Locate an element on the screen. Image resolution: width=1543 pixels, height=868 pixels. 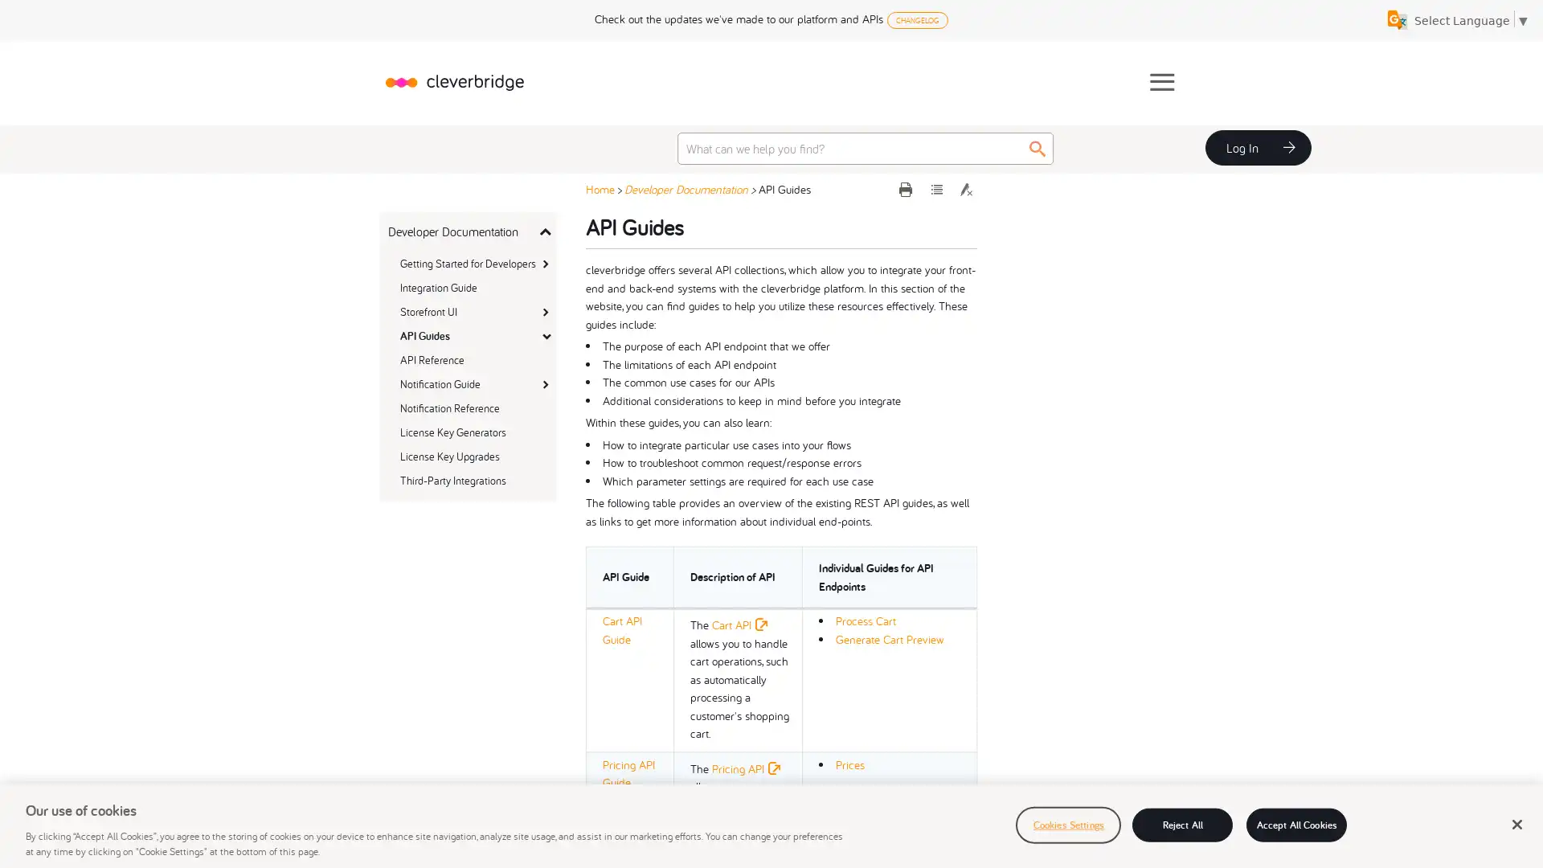
Accept All Cookies is located at coordinates (1296, 825).